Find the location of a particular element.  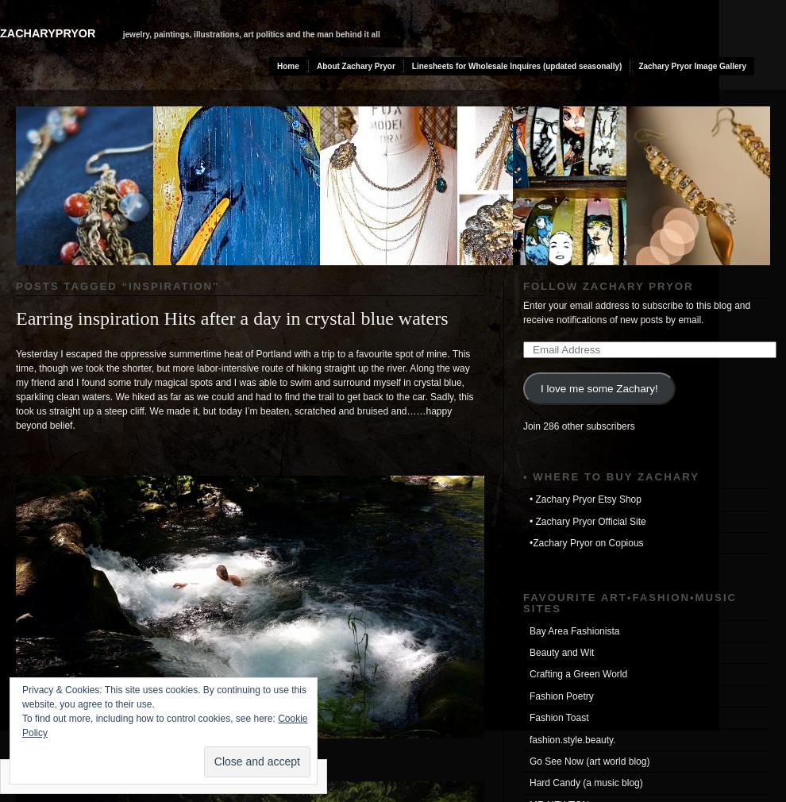

'Join 286 other subscribers' is located at coordinates (523, 426).